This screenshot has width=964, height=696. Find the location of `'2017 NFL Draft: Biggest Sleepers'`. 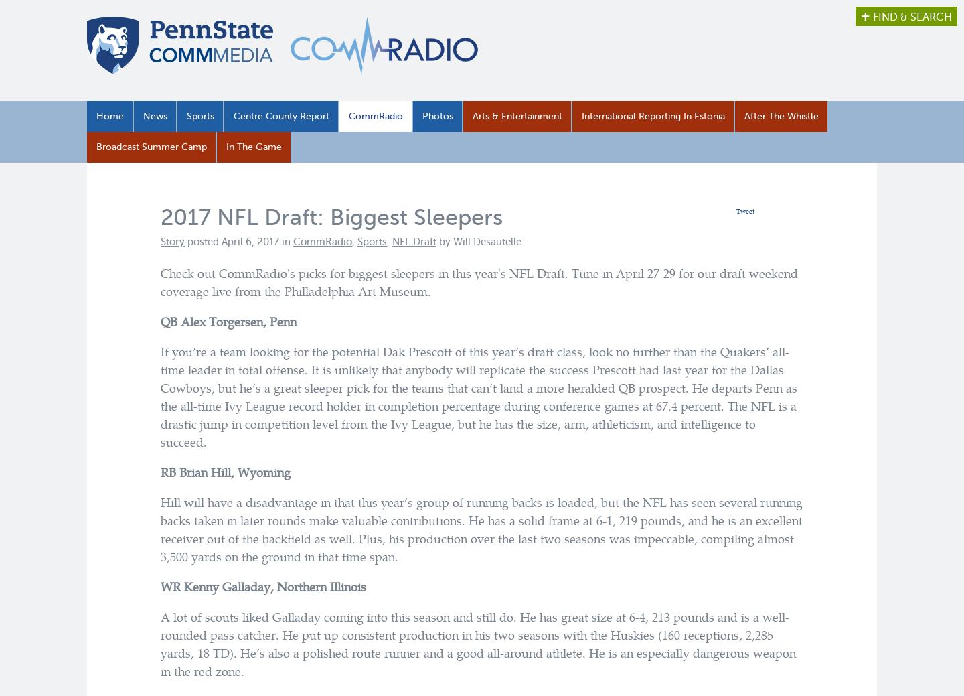

'2017 NFL Draft: Biggest Sleepers' is located at coordinates (331, 217).